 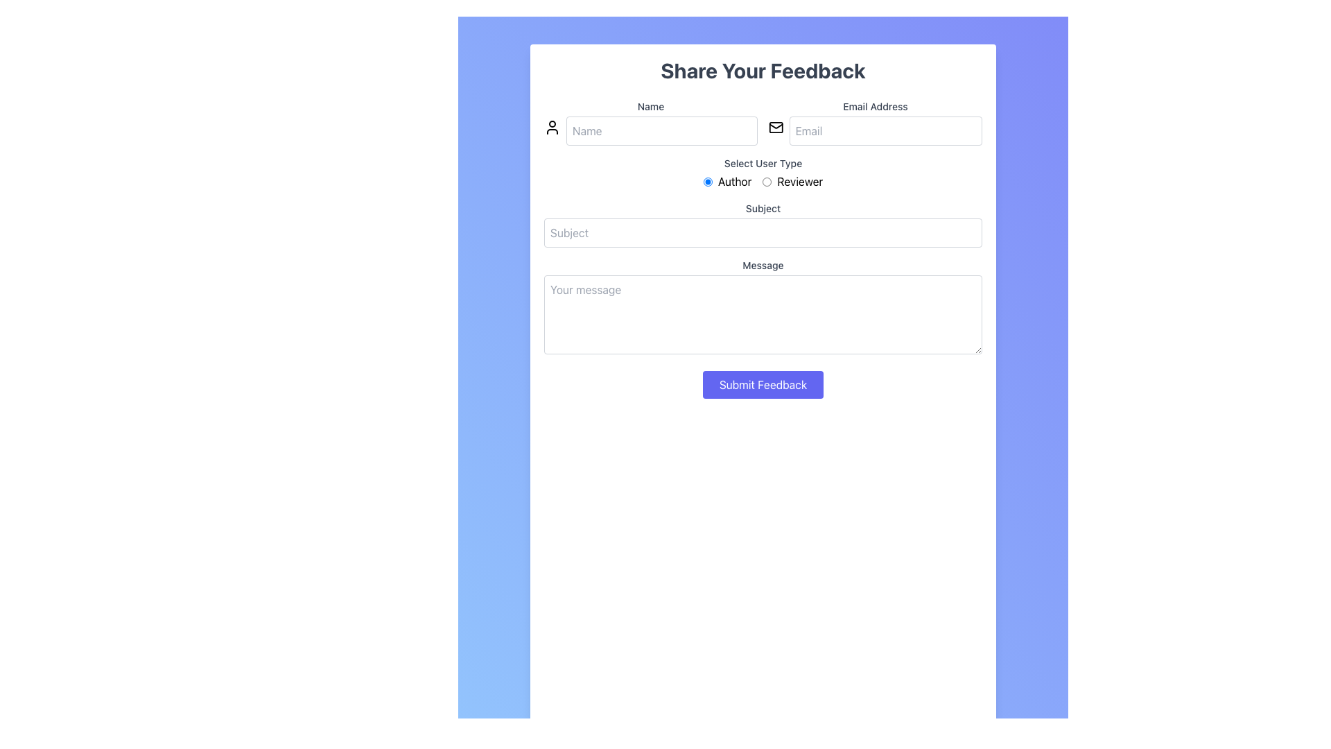 I want to click on the 'Submit Feedback' button, which is styled with a bright blue background and rounded corners, so click(x=762, y=384).